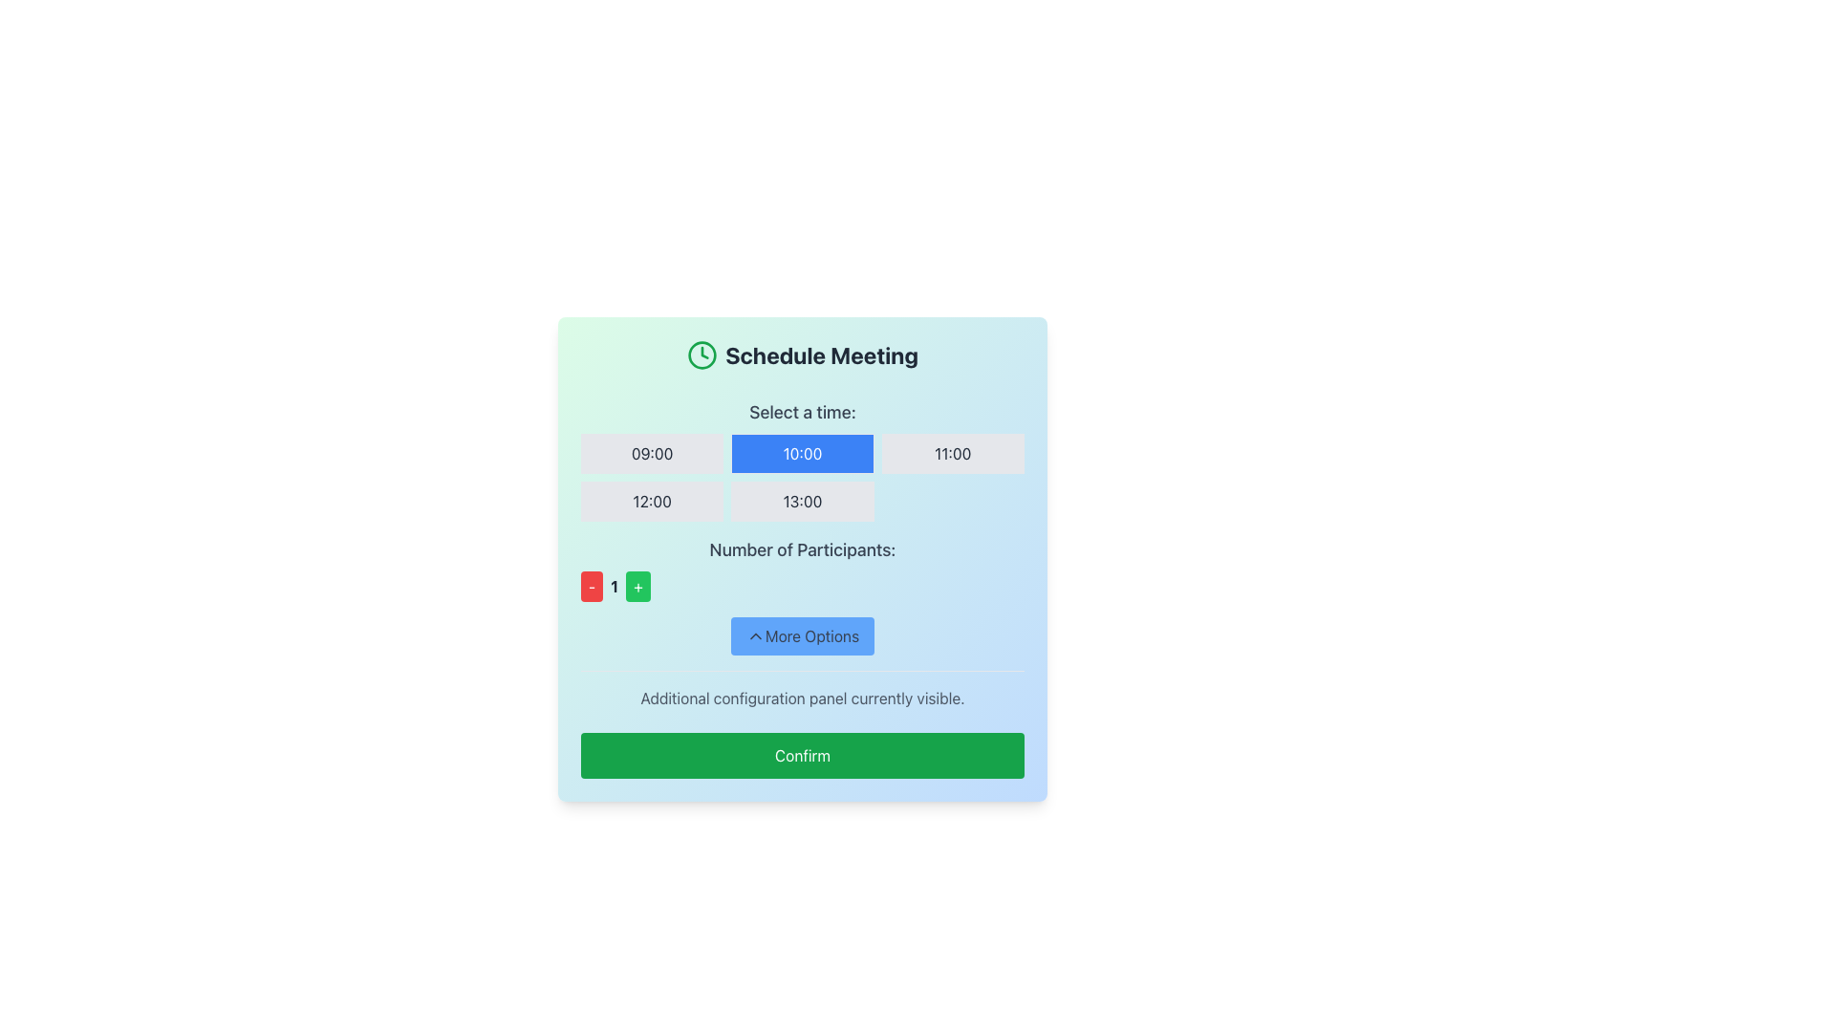  Describe the element at coordinates (754, 636) in the screenshot. I see `the icon located within the 'More Options' button, which is positioned to the left side of the text label associated with the 'Number of Participants' section` at that location.